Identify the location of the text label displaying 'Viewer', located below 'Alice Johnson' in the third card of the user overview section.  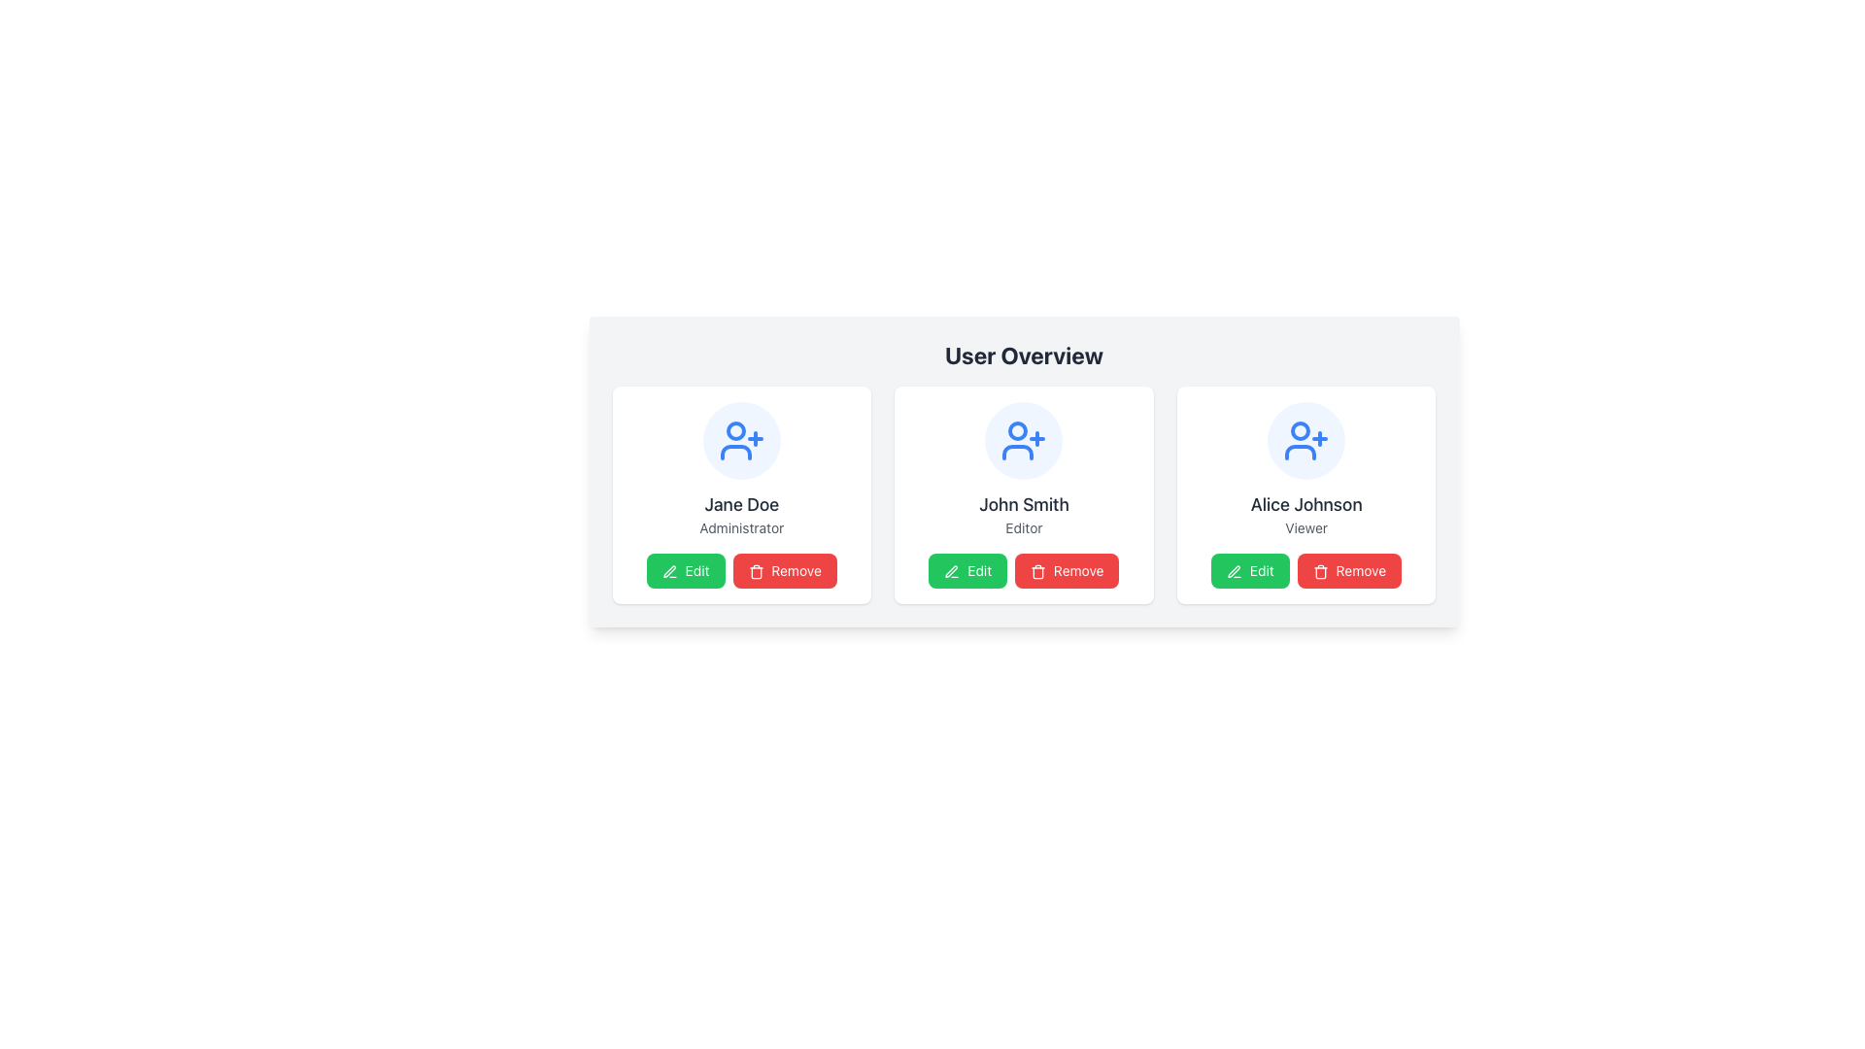
(1306, 527).